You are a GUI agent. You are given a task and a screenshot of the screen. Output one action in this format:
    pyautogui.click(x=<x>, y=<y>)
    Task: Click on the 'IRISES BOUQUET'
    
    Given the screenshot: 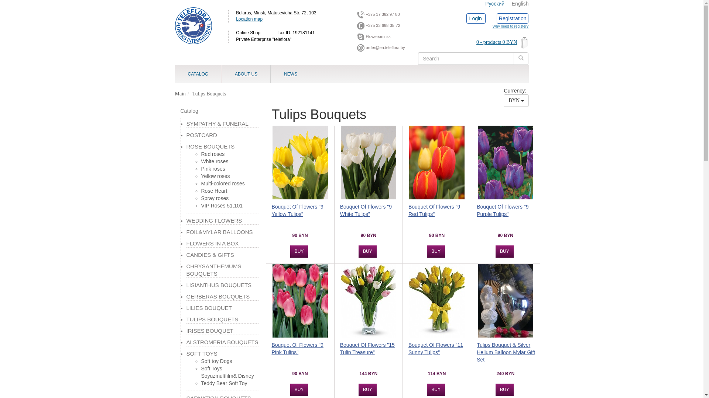 What is the action you would take?
    pyautogui.click(x=209, y=330)
    